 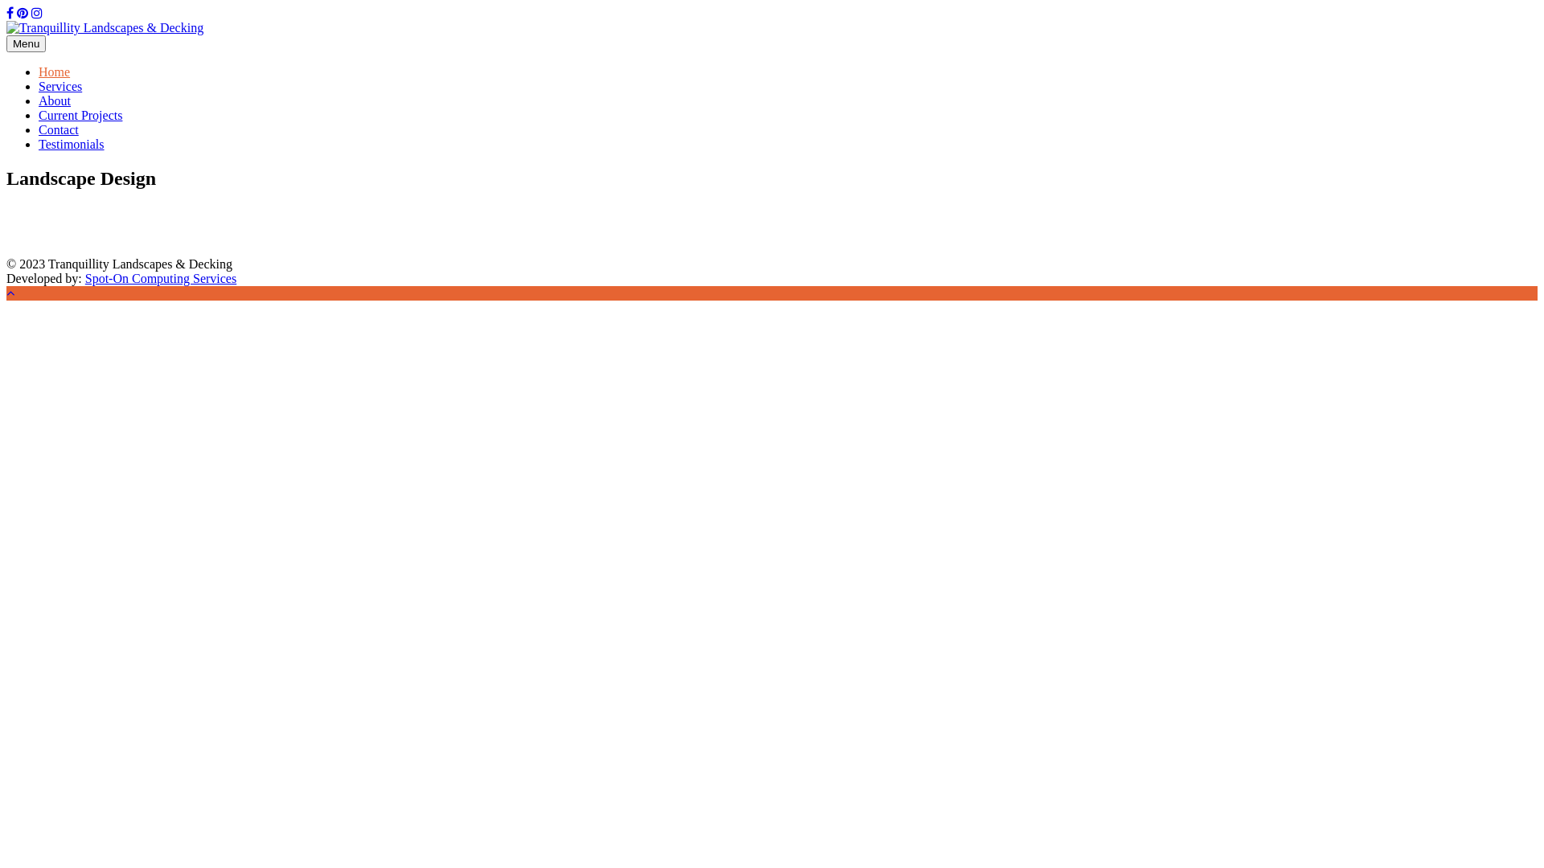 I want to click on 'Contact', so click(x=58, y=129).